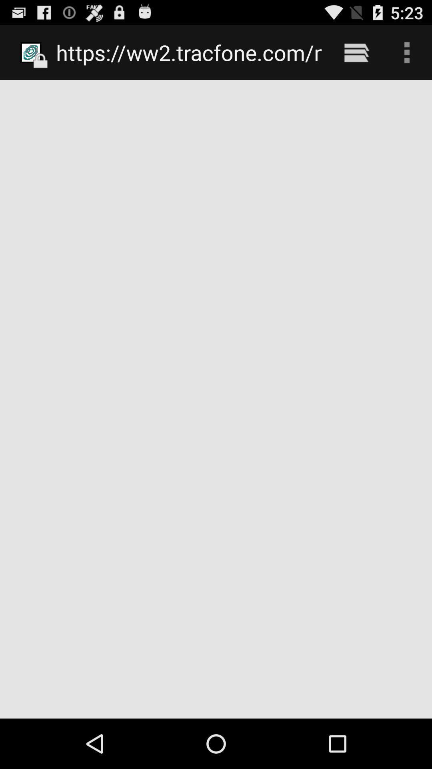  What do you see at coordinates (356, 52) in the screenshot?
I see `the item next to the https ww2 tracfone icon` at bounding box center [356, 52].